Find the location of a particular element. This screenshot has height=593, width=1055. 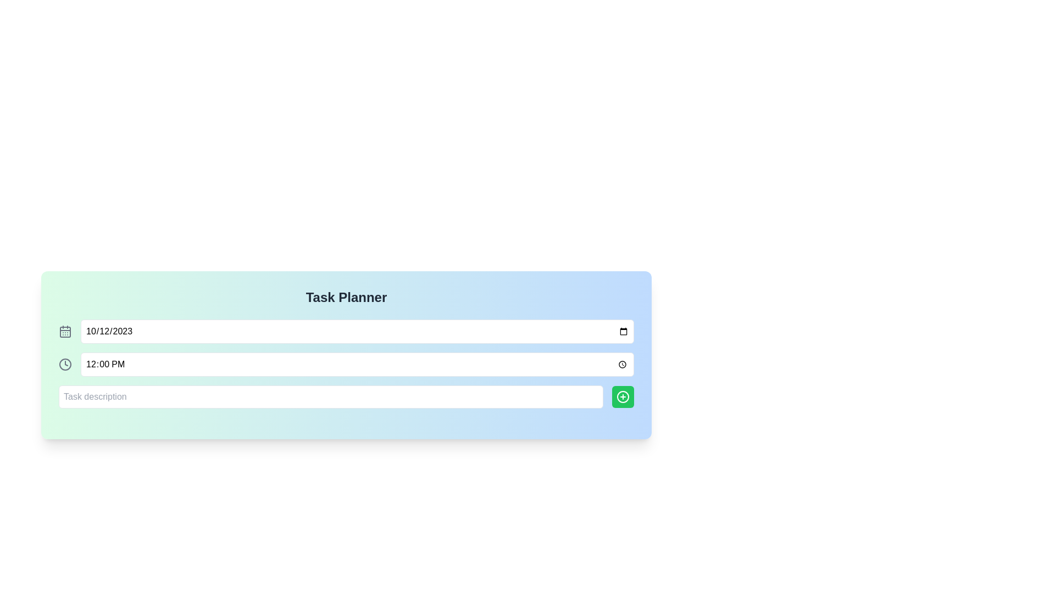

the interactive button located at the far-right end of the last row, which is designed to facilitate adding a new task or item, to observe the hover effect is located at coordinates (623, 396).